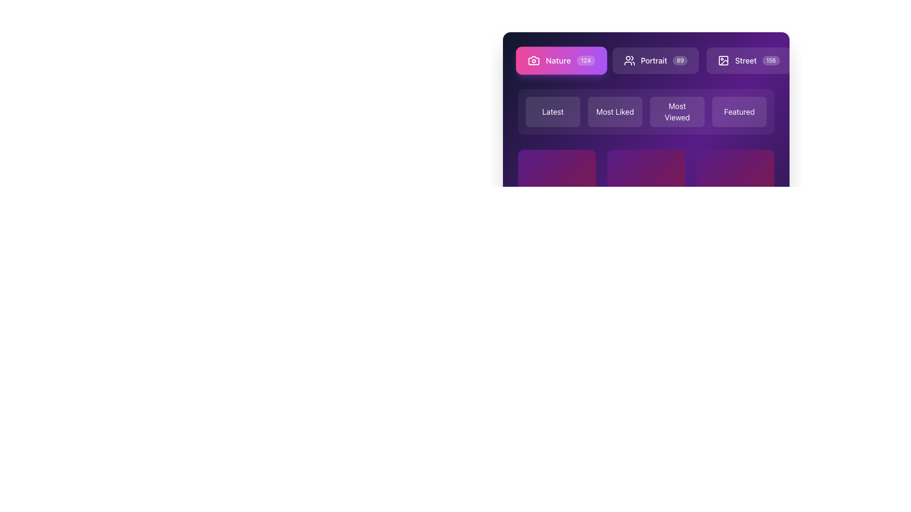 The height and width of the screenshot is (512, 911). I want to click on the Badge or Notification Counter element that displays the number '124', located to the right of the text 'Nature' in the top navigation bar, so click(585, 60).